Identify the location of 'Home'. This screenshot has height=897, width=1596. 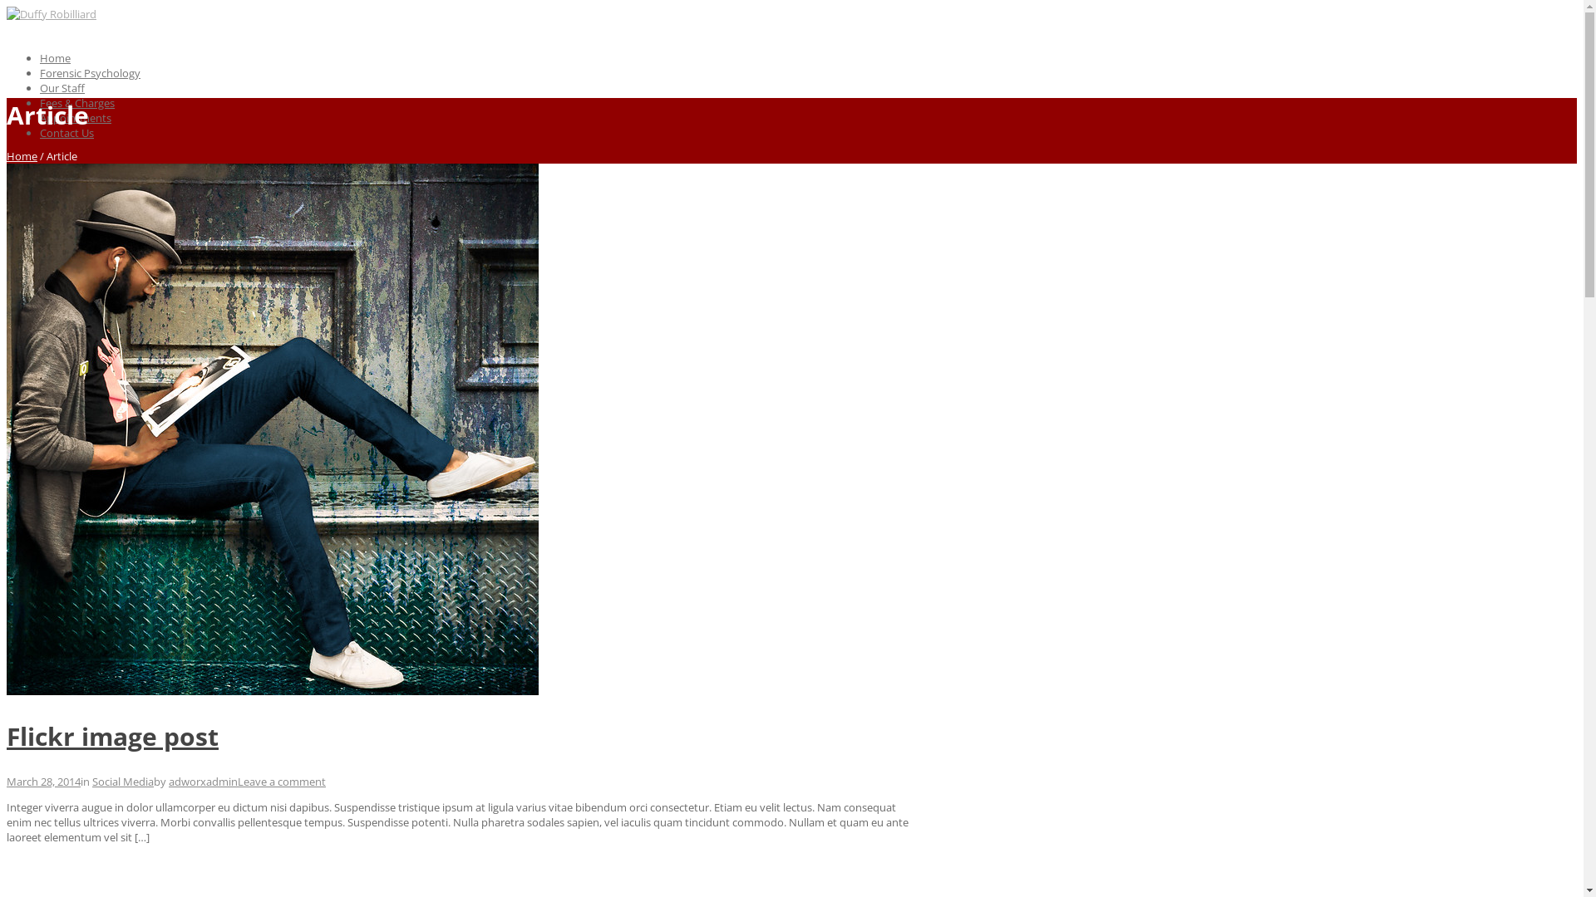
(22, 156).